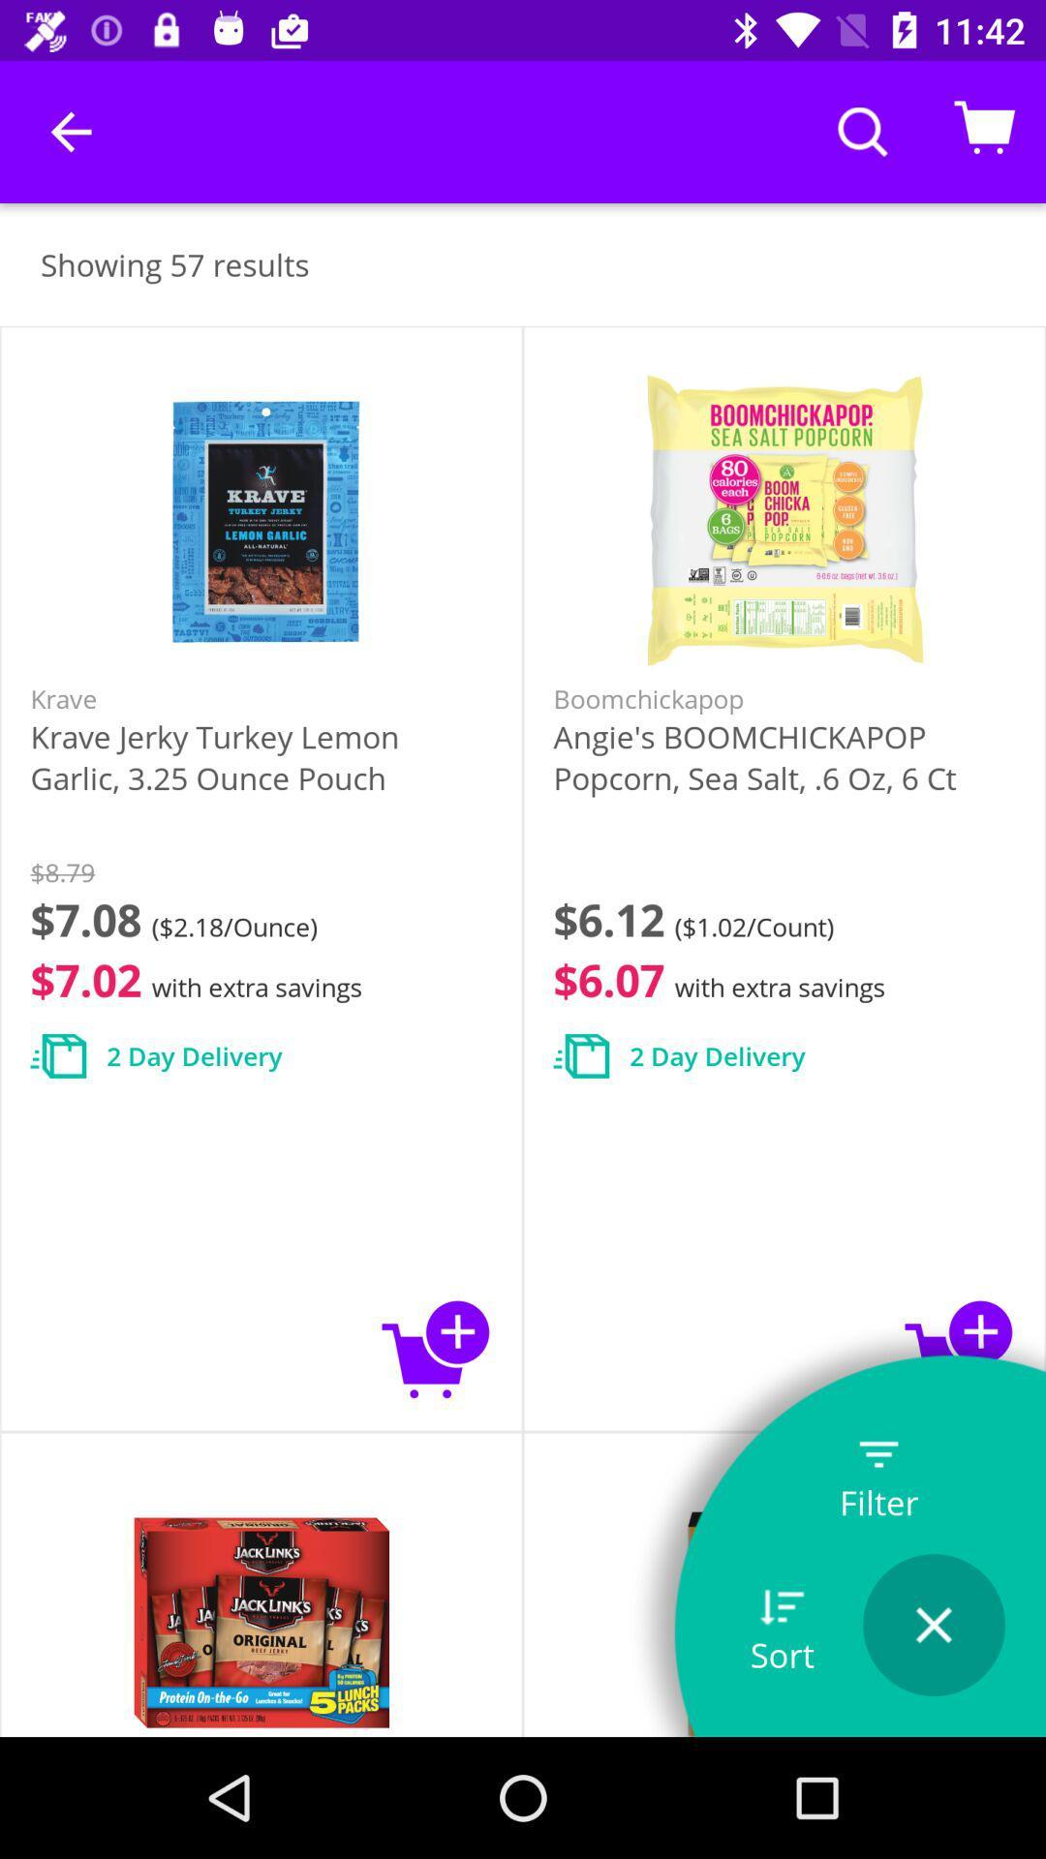 This screenshot has width=1046, height=1859. I want to click on page, so click(933, 1625).